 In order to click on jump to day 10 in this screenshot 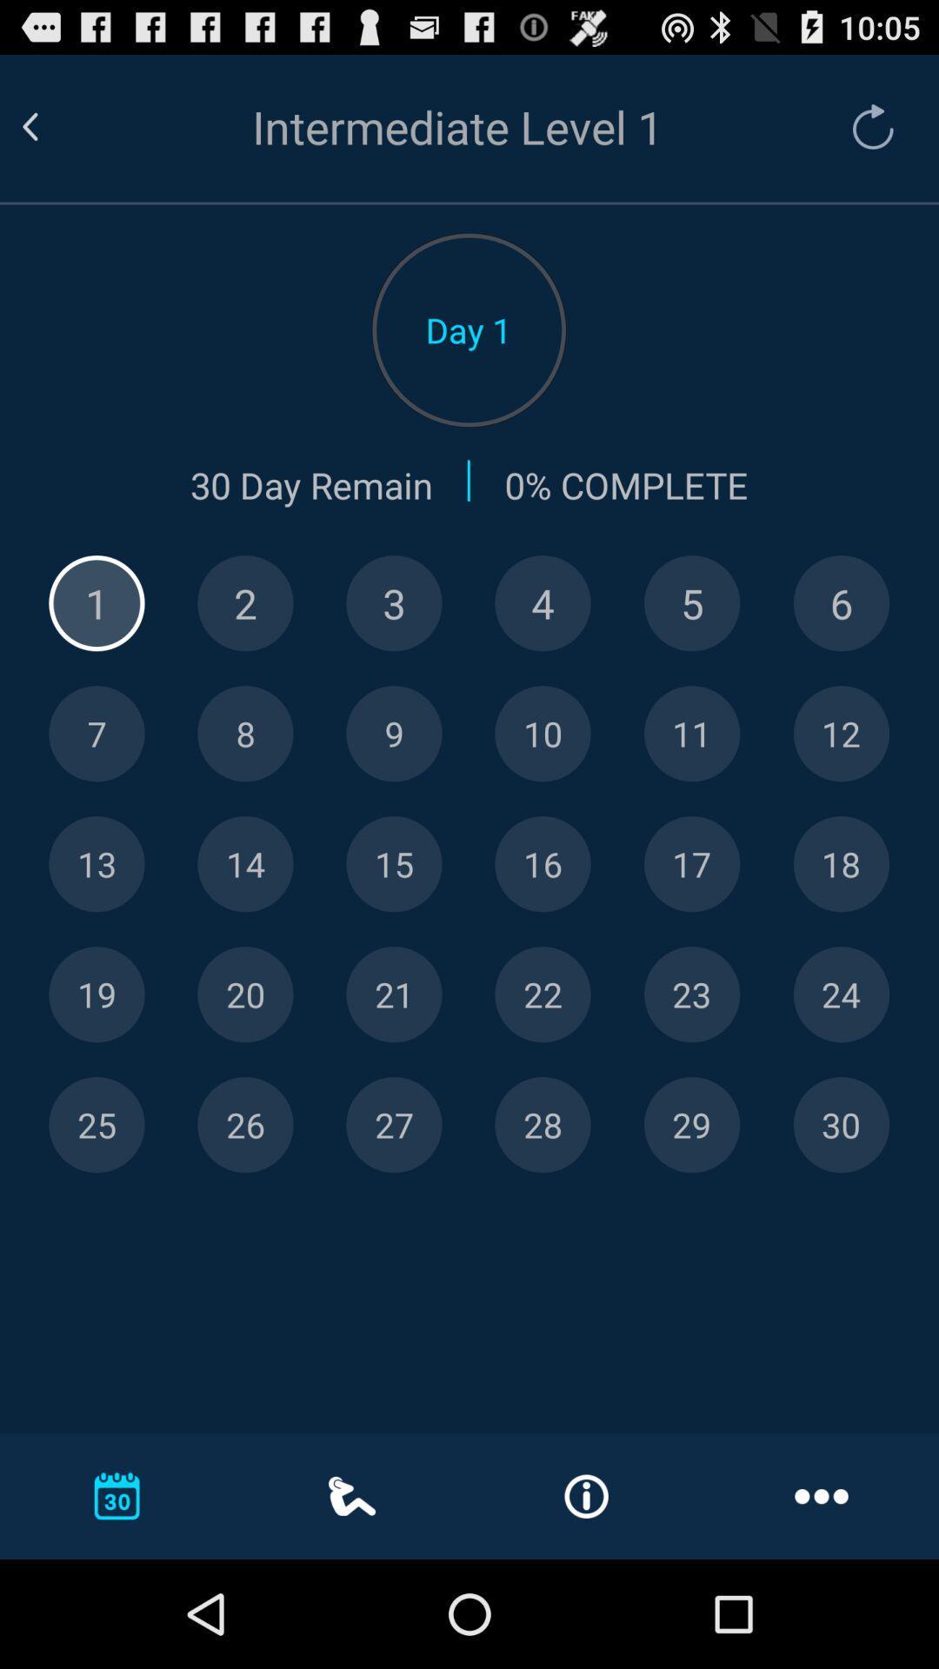, I will do `click(542, 734)`.